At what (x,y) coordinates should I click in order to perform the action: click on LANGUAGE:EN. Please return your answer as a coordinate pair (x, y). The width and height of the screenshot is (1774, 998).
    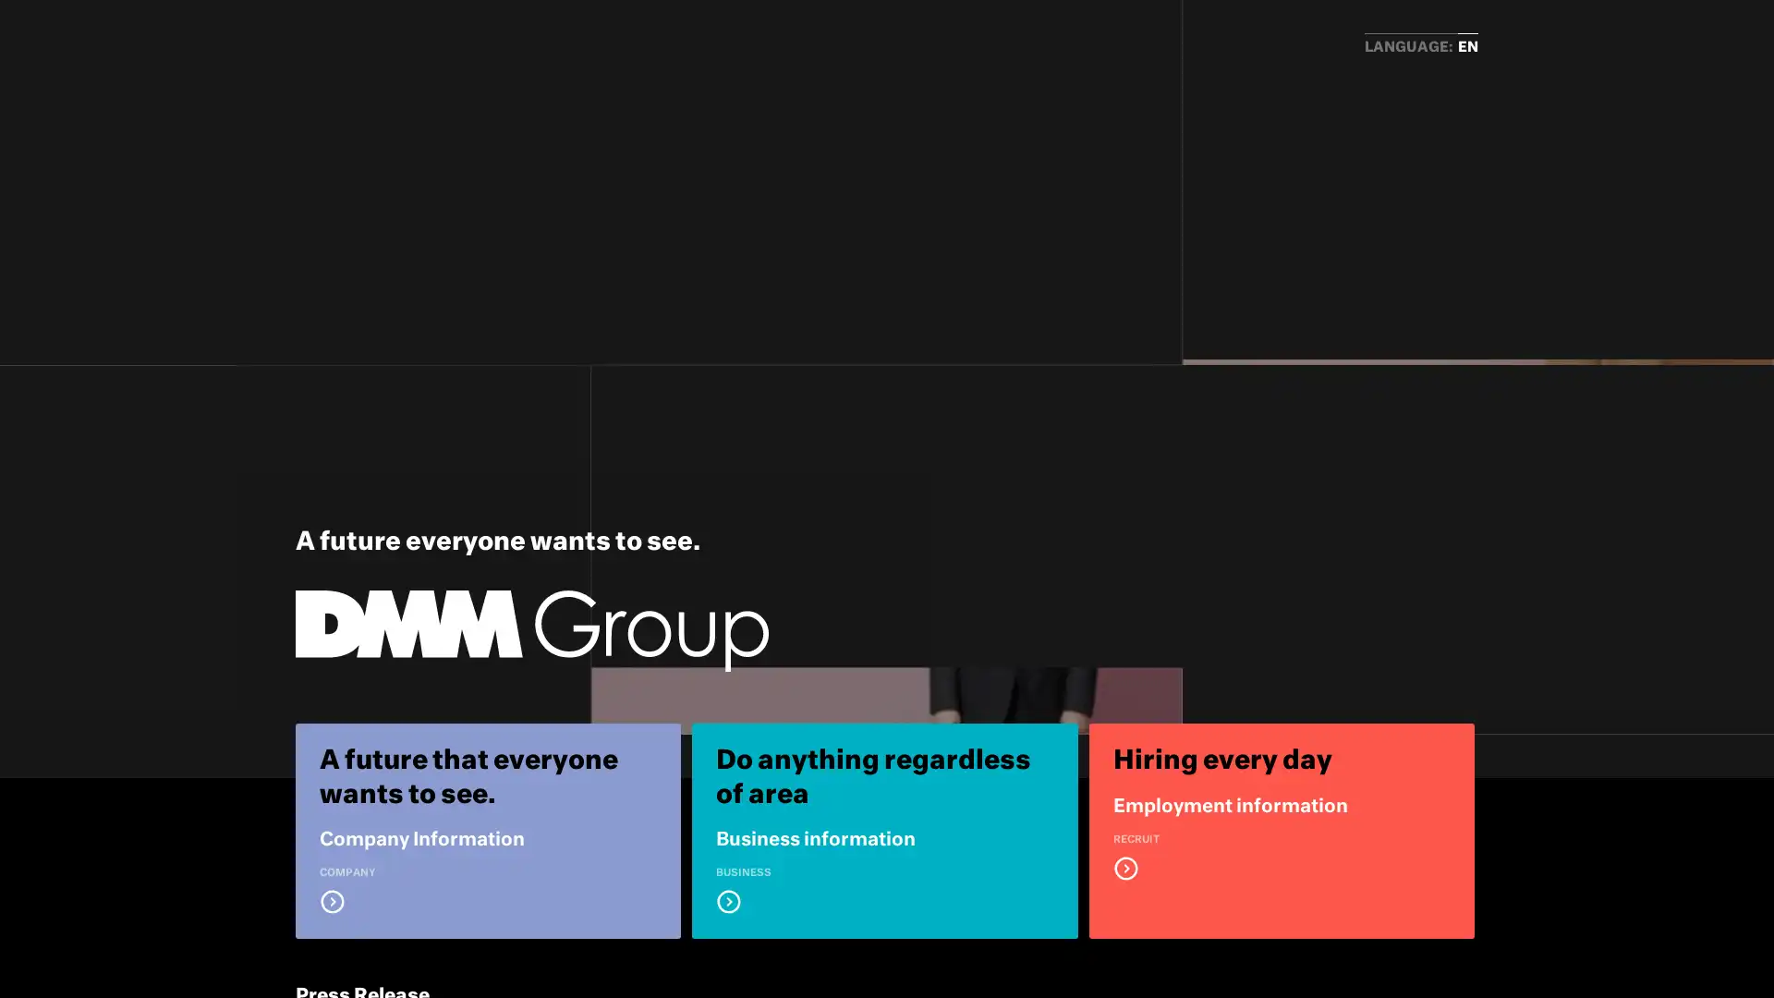
    Looking at the image, I should click on (1420, 46).